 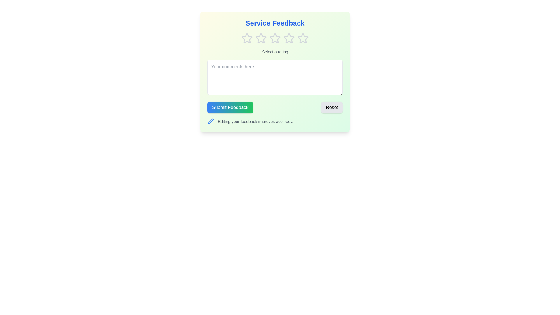 I want to click on the third hollow star icon in the rating interface, so click(x=289, y=38).